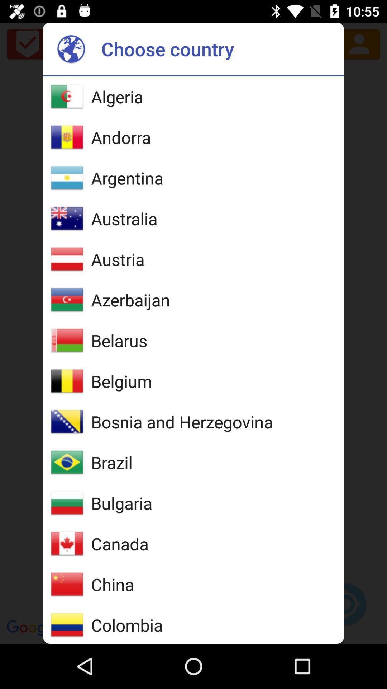 The height and width of the screenshot is (689, 387). Describe the element at coordinates (117, 96) in the screenshot. I see `item above the andorra` at that location.